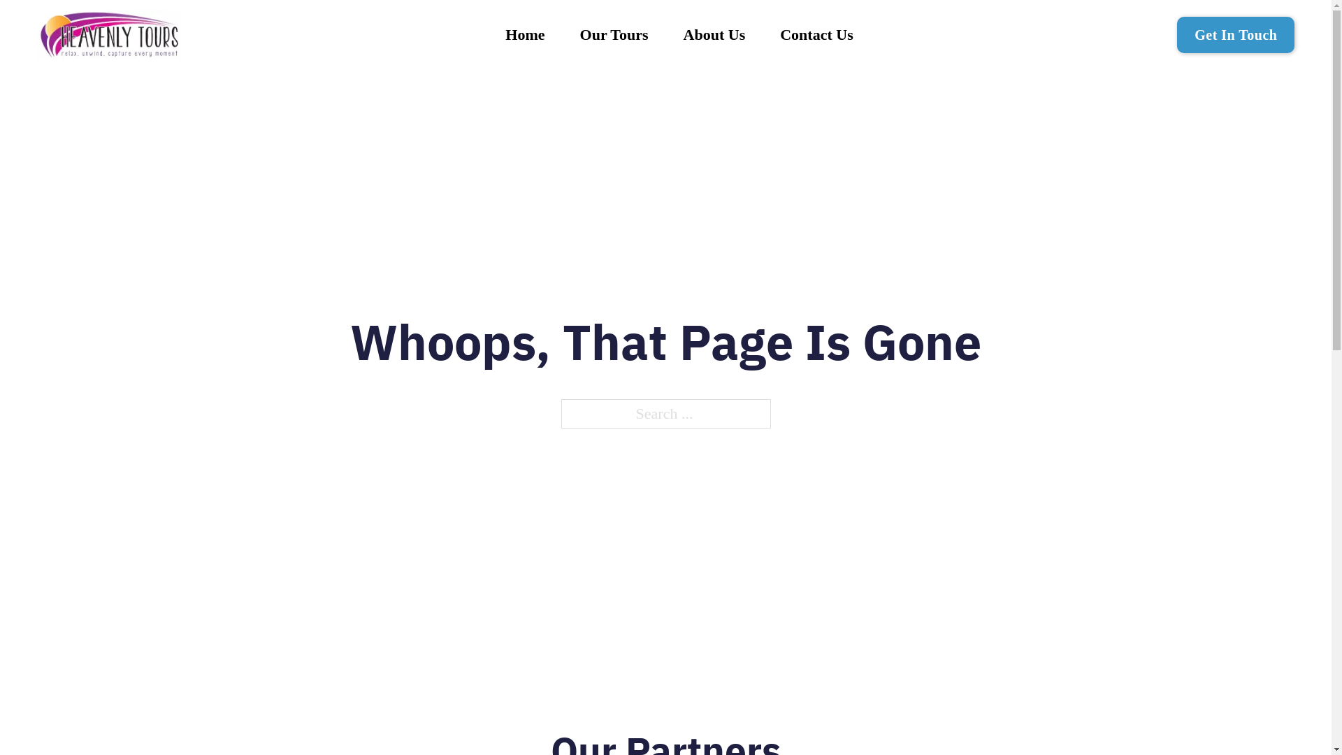 This screenshot has width=1342, height=755. I want to click on 'Home', so click(487, 34).